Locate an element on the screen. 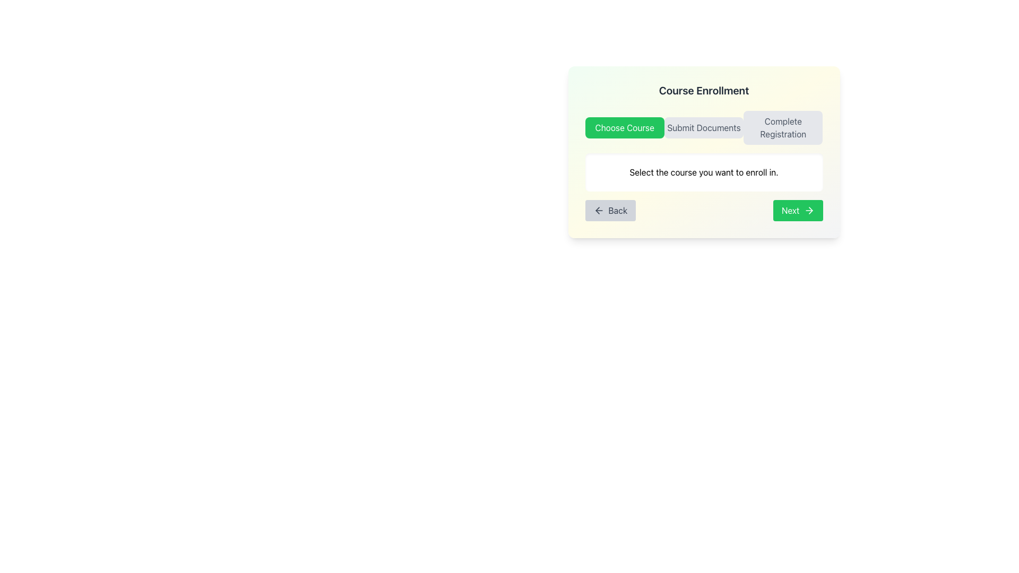 The image size is (1019, 573). the left-pointing arrow icon within the 'Back' button, which is styled with a gray background and located at the bottom left of the modal UI component is located at coordinates (597, 211).